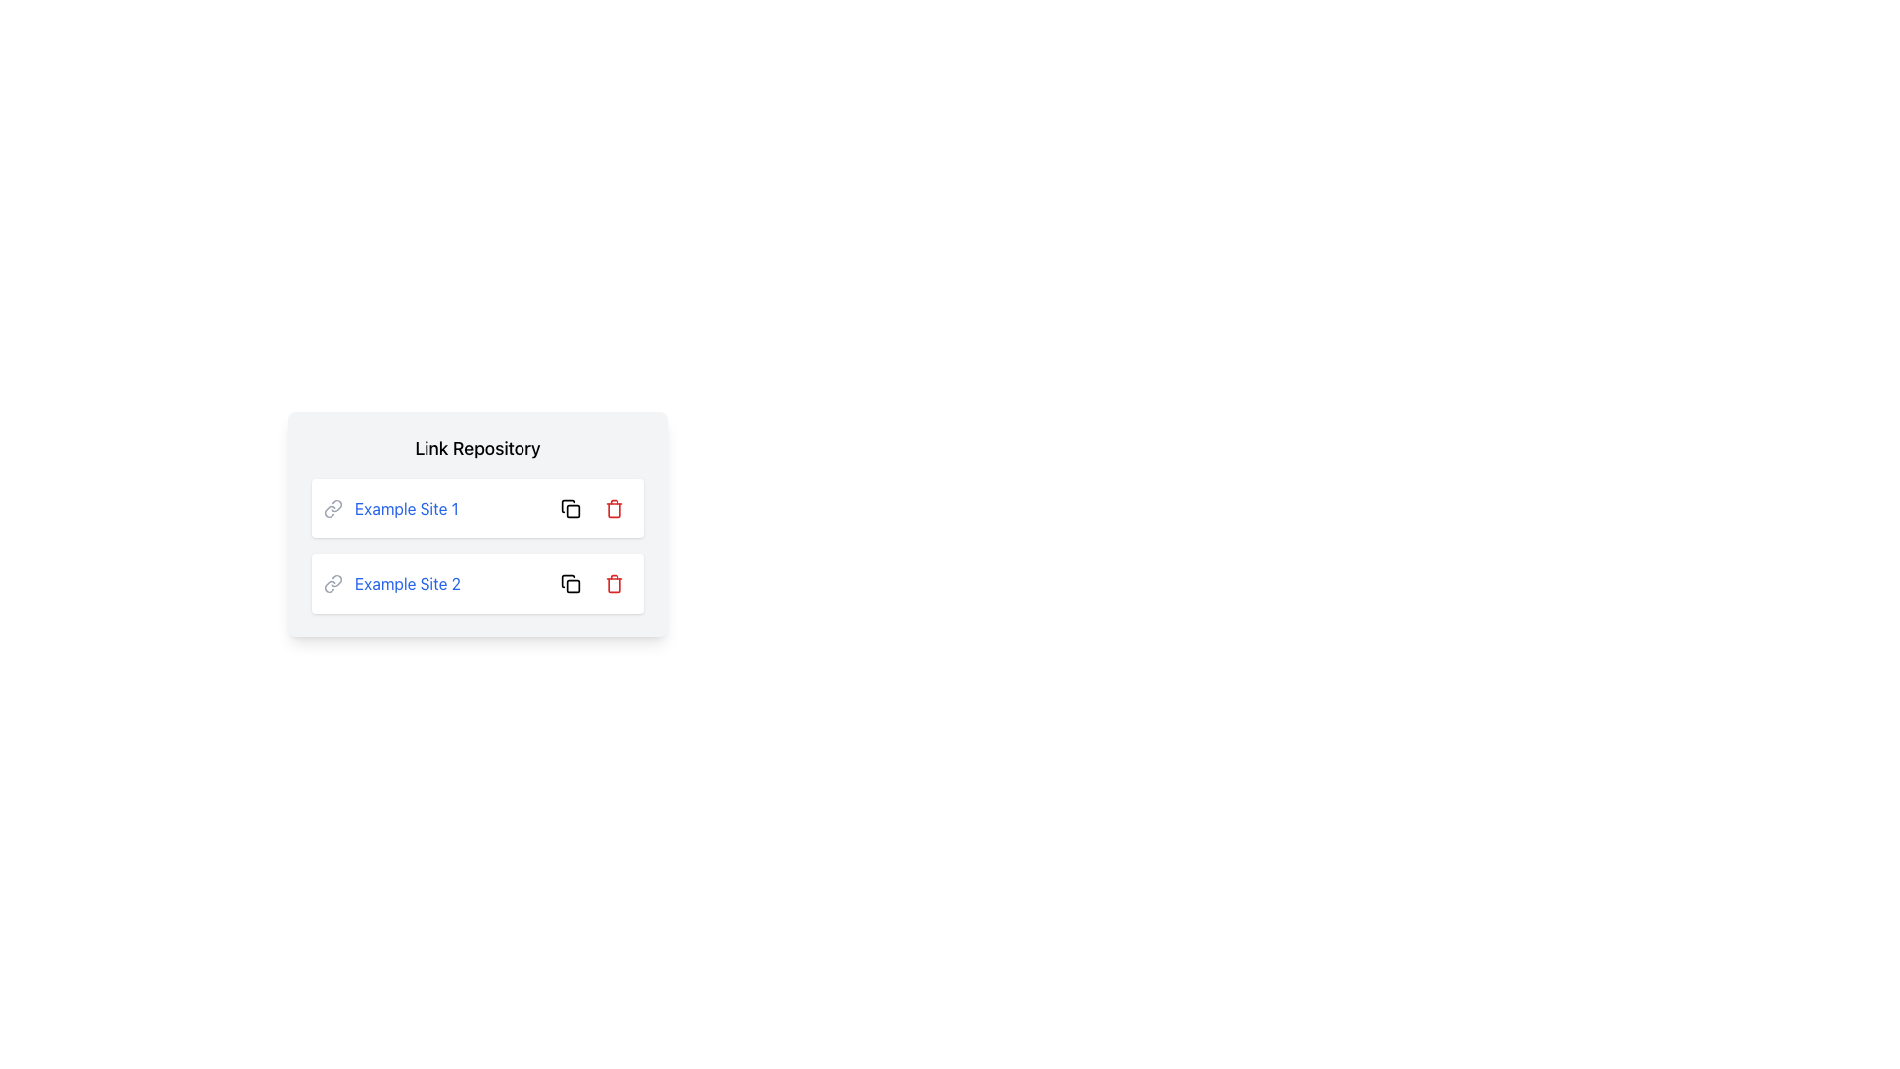 This screenshot has width=1900, height=1069. Describe the element at coordinates (391, 507) in the screenshot. I see `the hyperlink labeled 'Example Site 1', which is styled in blue and underlined` at that location.